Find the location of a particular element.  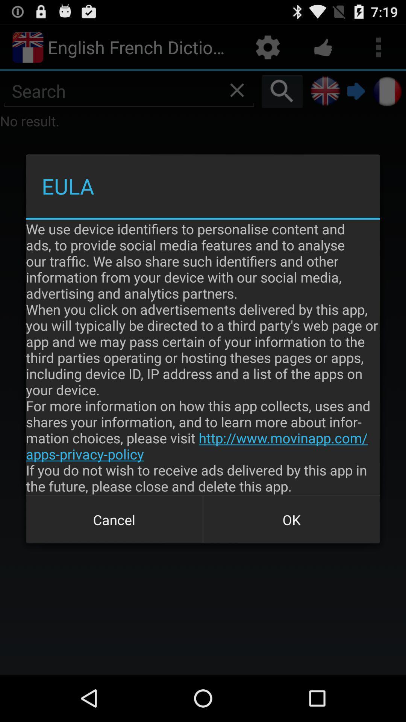

the button to the right of the cancel icon is located at coordinates (291, 519).